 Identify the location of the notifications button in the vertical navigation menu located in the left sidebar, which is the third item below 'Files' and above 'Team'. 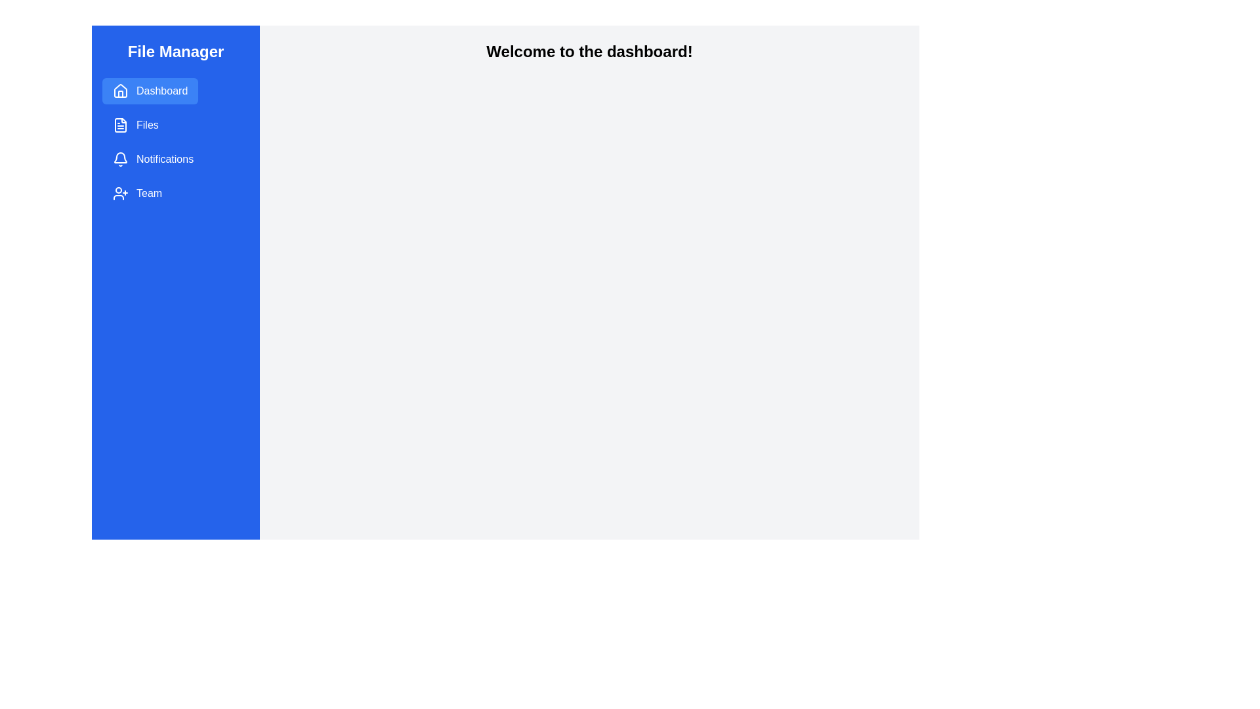
(153, 159).